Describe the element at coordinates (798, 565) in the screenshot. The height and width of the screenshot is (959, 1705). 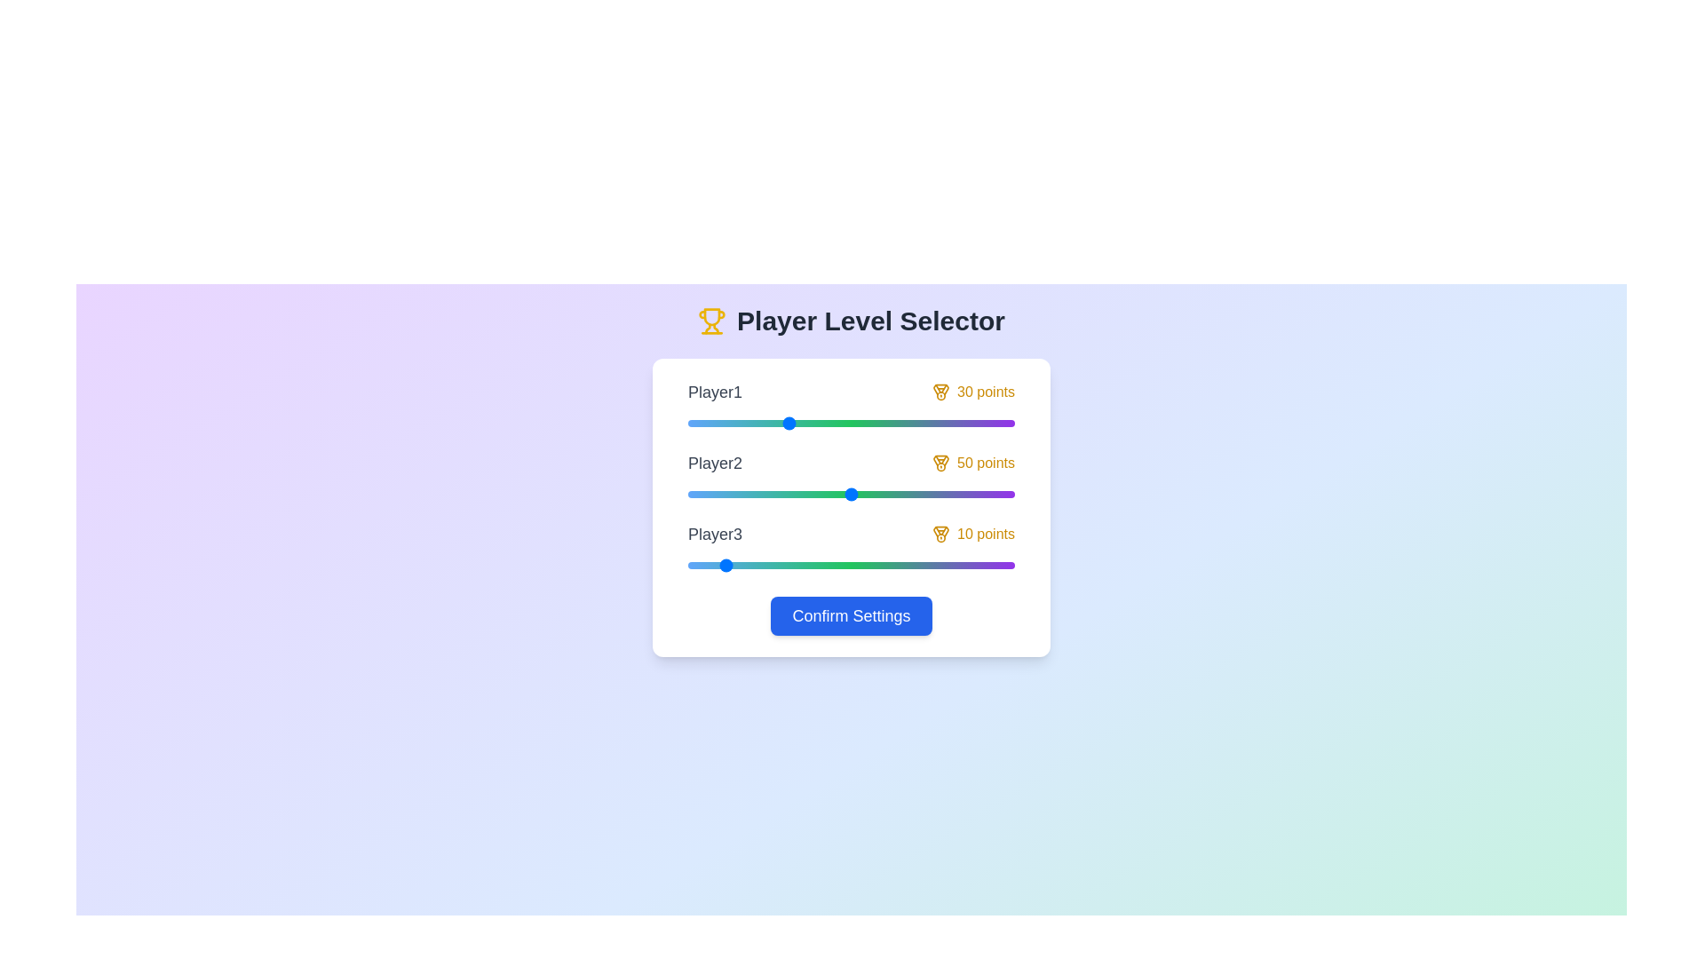
I see `the slider for Player3 to set their level to 34` at that location.